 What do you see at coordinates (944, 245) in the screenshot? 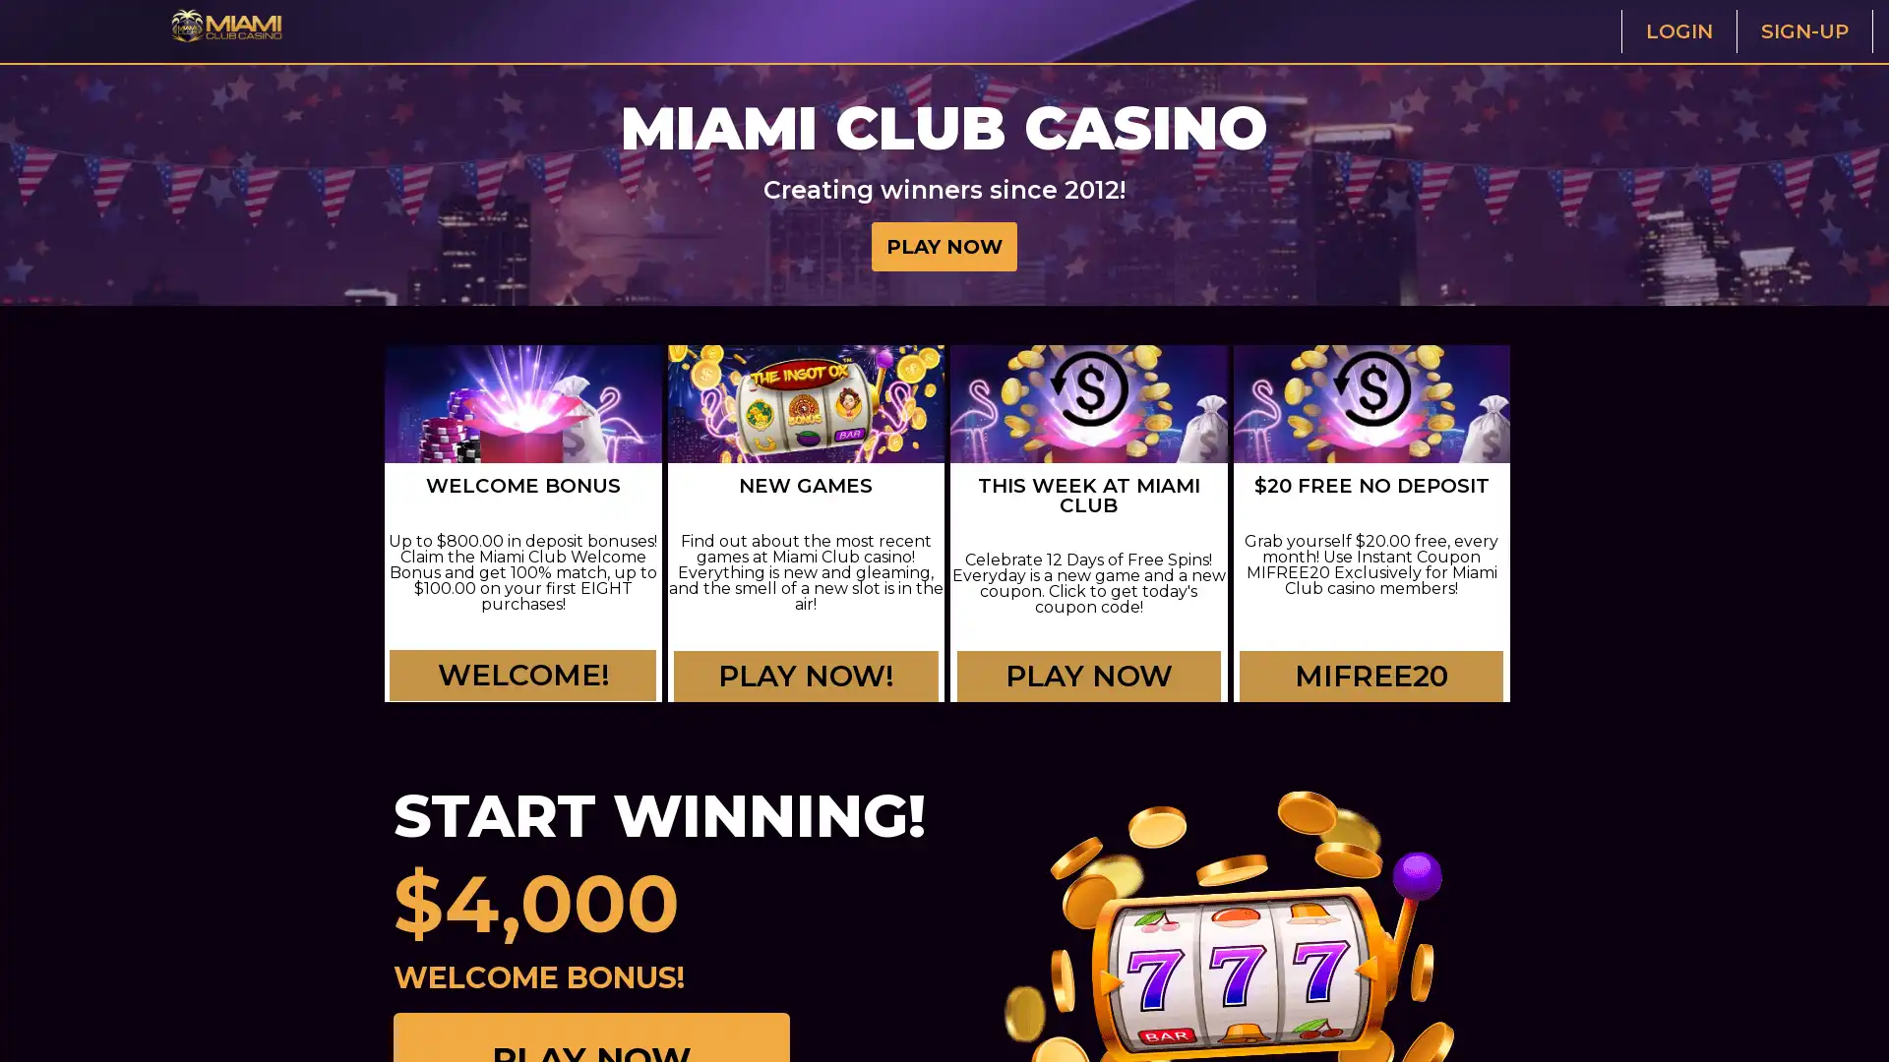
I see `PLAY NOW` at bounding box center [944, 245].